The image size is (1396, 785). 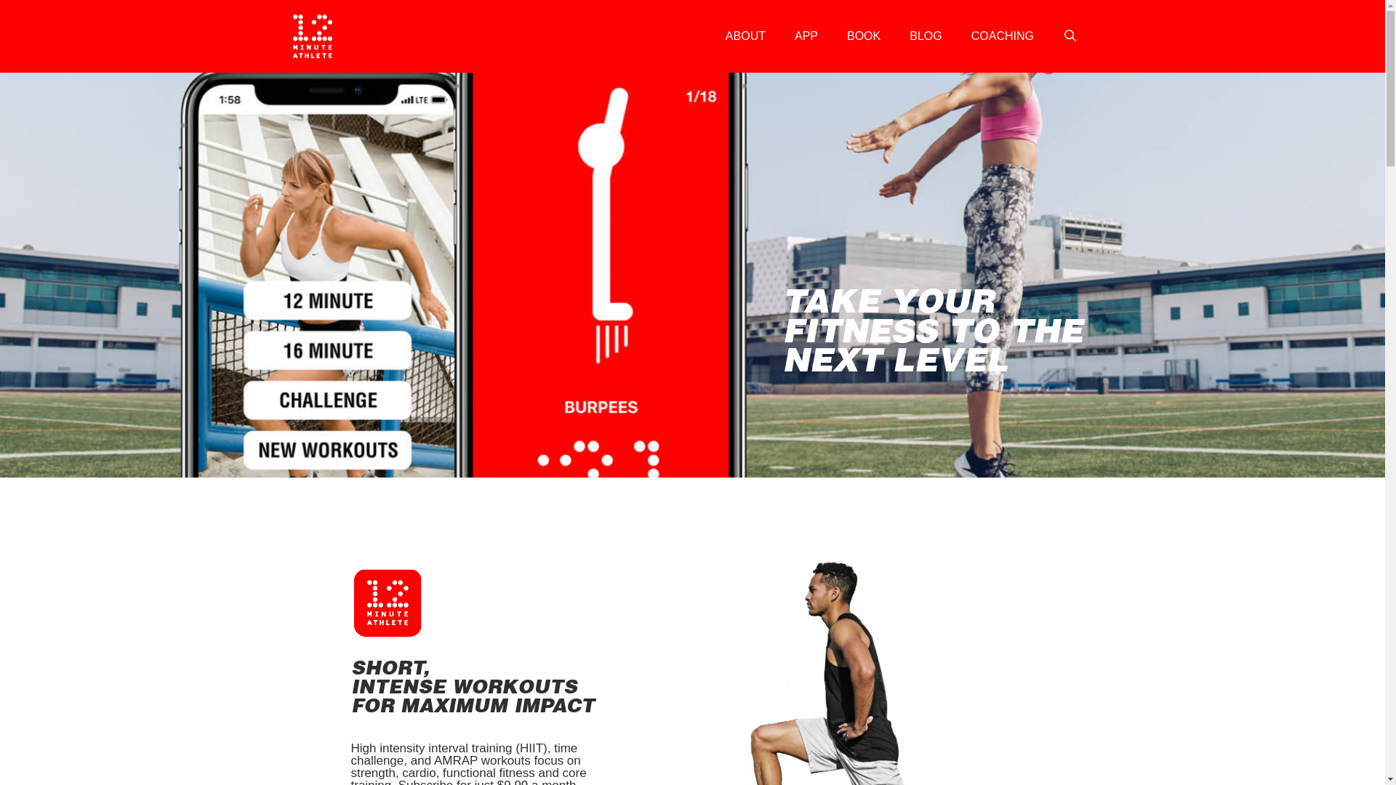 I want to click on 'ABOUT', so click(x=745, y=36).